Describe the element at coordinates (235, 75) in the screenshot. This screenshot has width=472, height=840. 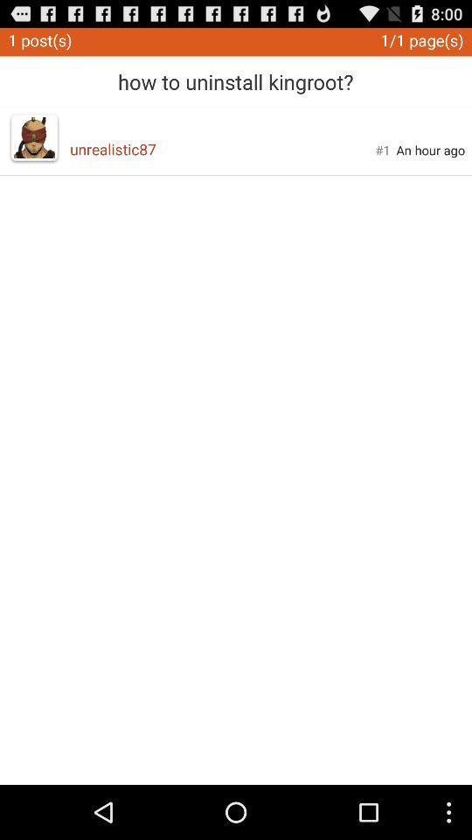
I see `the app next to the 1 1 page` at that location.